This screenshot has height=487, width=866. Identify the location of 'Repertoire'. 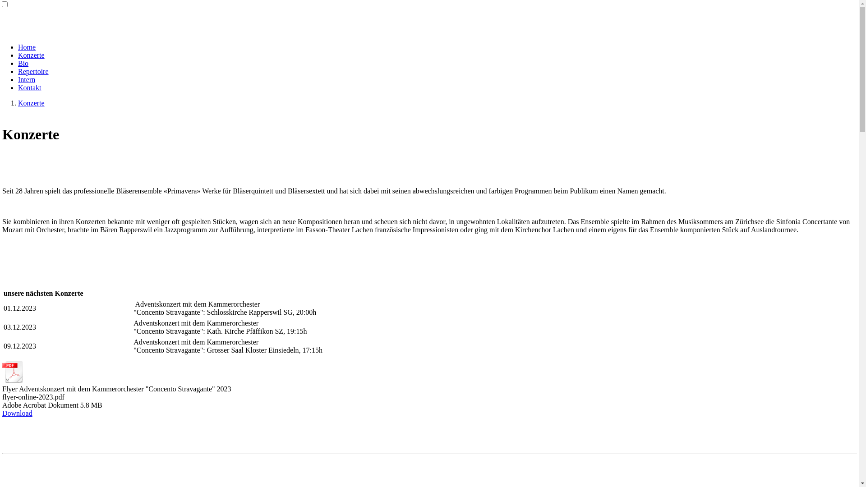
(33, 71).